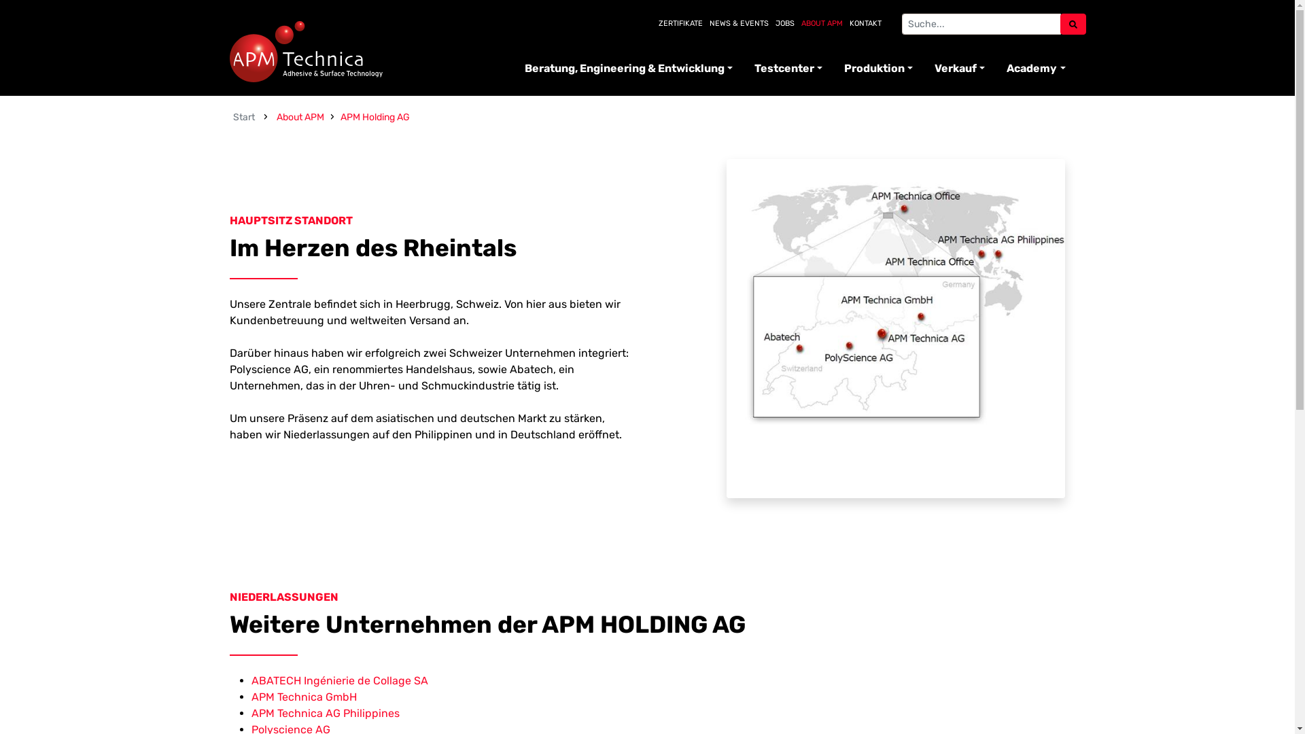 This screenshot has height=734, width=1305. I want to click on 'ABOUT APM', so click(820, 23).